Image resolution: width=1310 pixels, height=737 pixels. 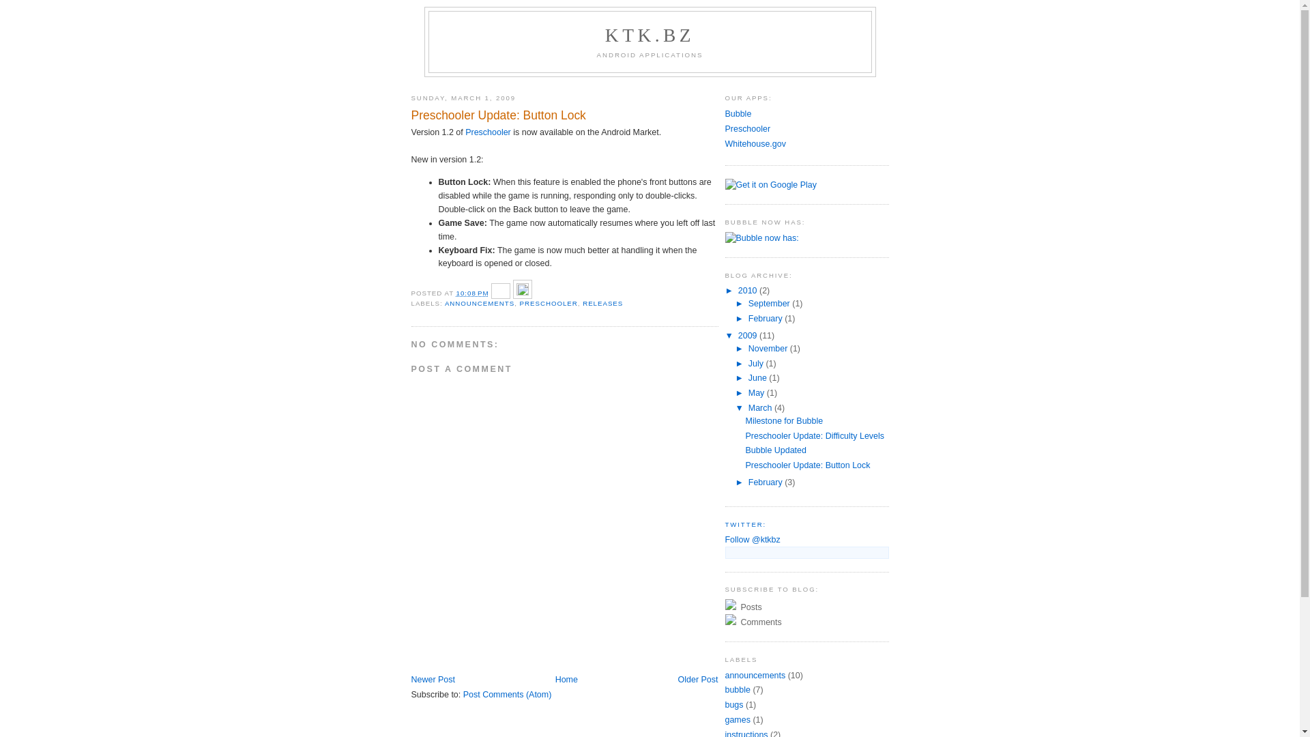 I want to click on 'Post Comments (Atom)', so click(x=507, y=695).